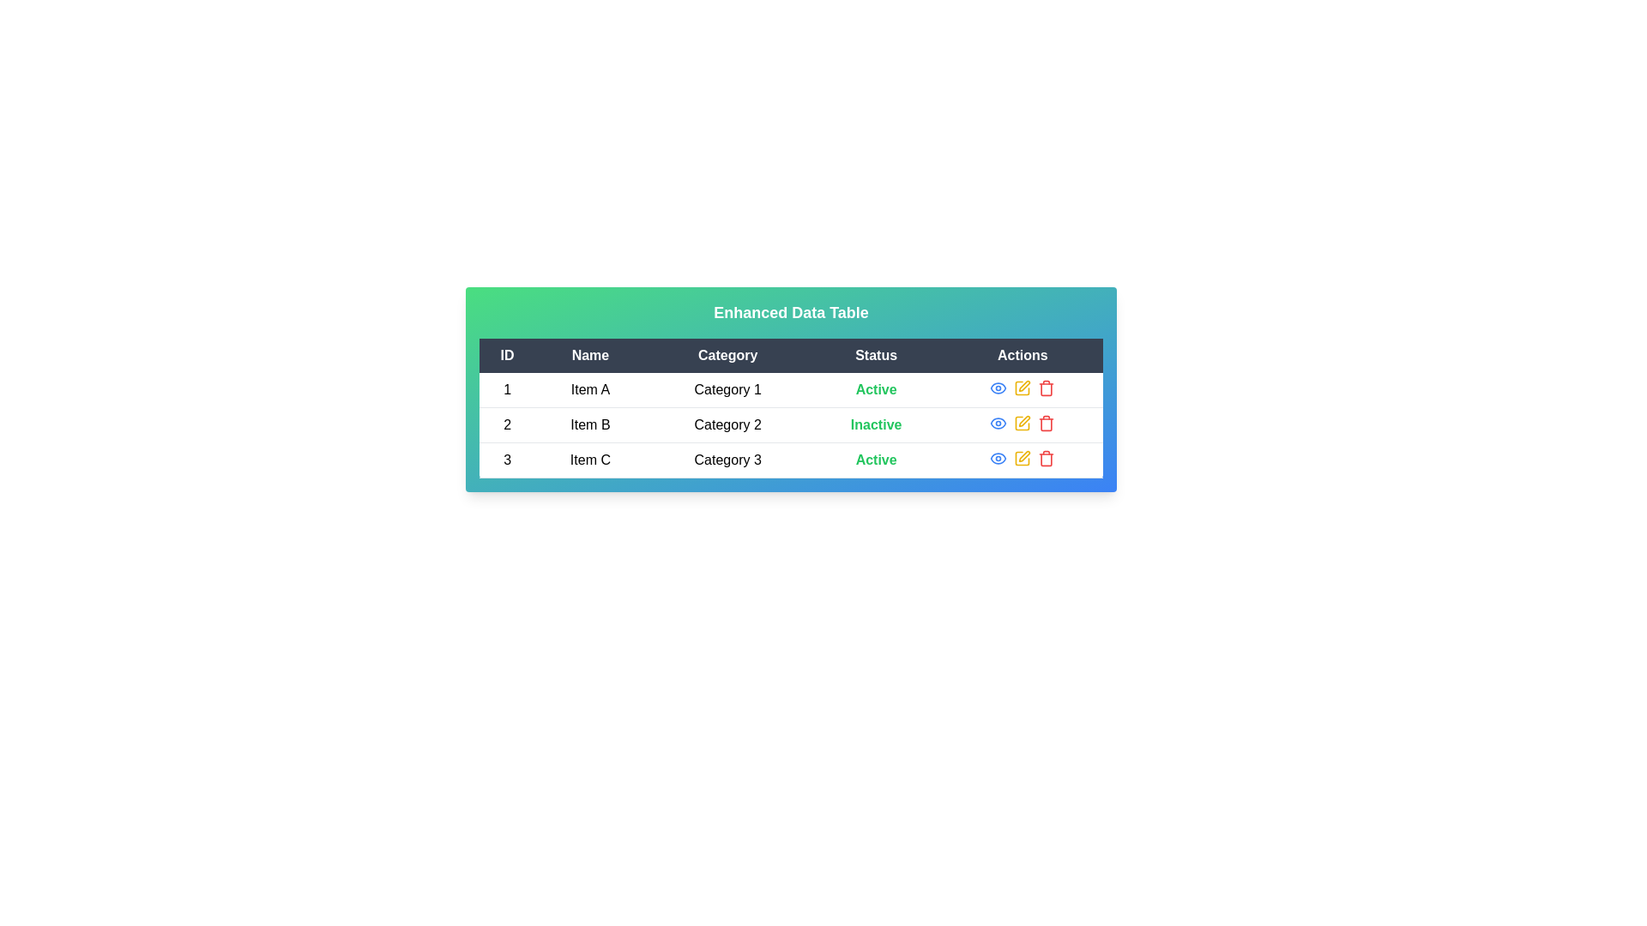  I want to click on the row corresponding to 1, so click(790, 390).